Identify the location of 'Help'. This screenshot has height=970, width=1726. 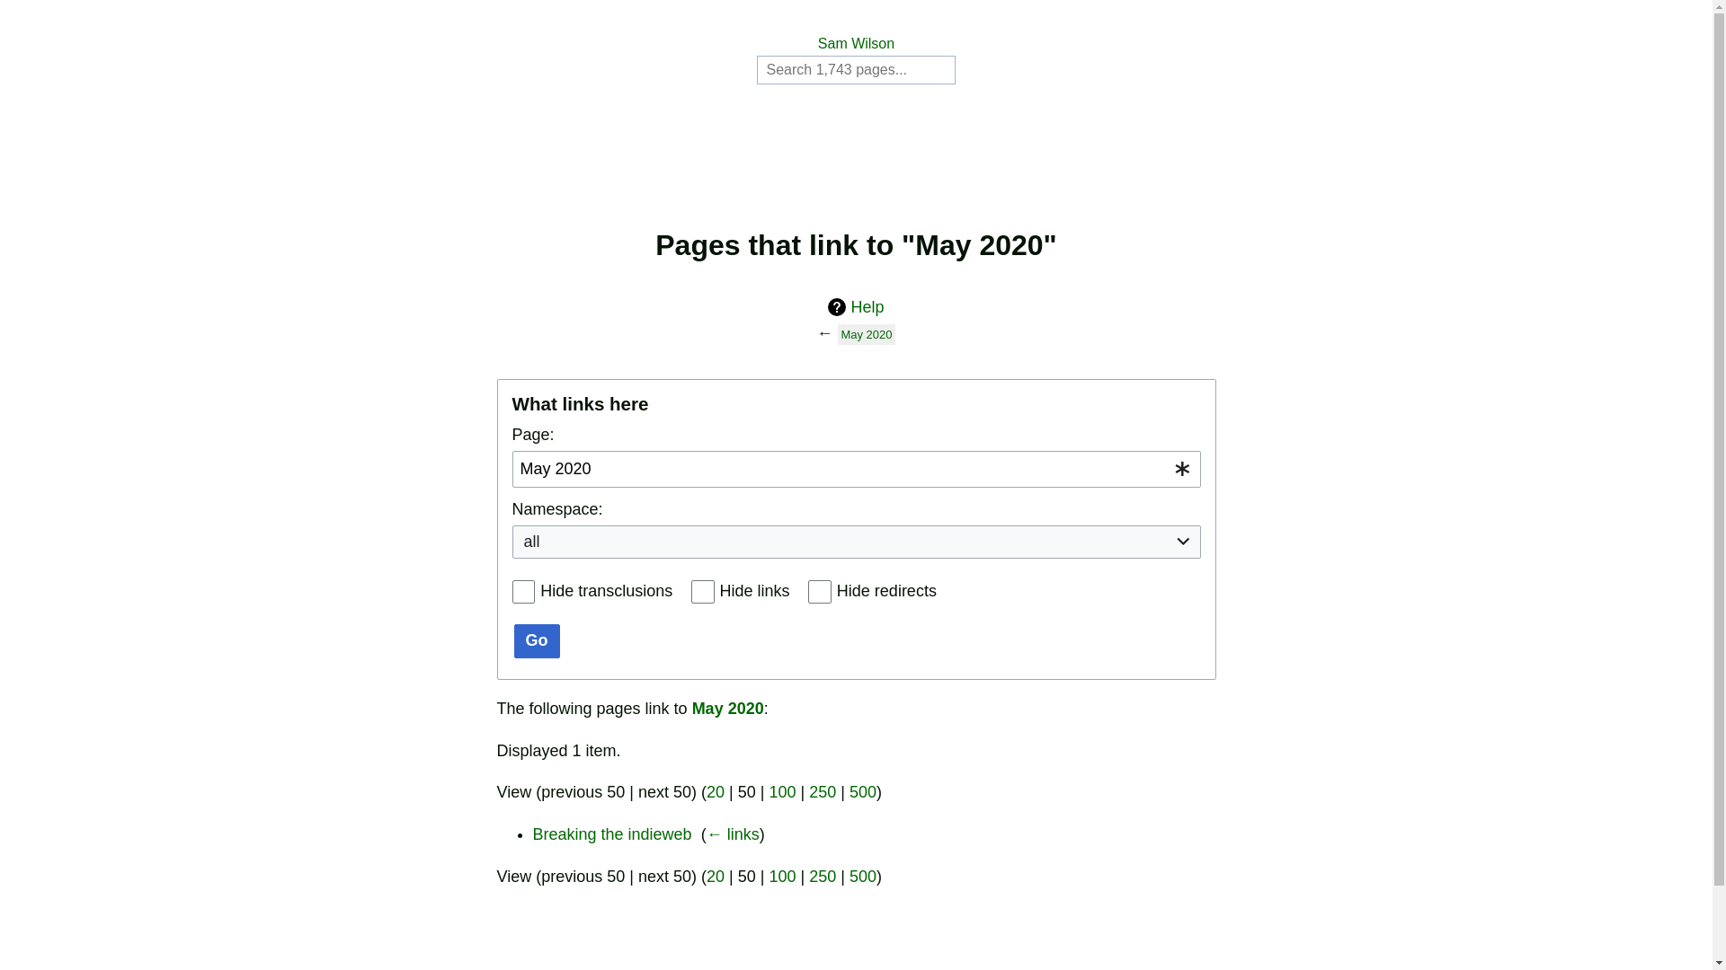
(854, 306).